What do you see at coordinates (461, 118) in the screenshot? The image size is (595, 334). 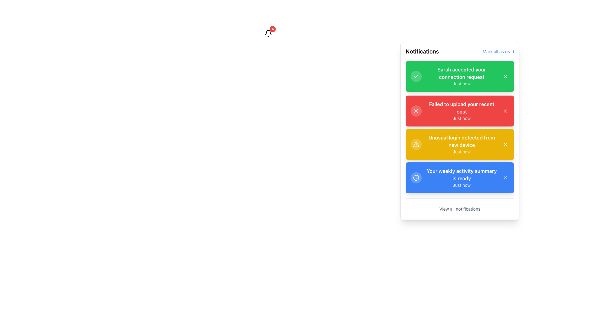 I see `text of the Timestamp label that displays 'Just now', located below the bold notification message 'Failed to upload your recent post'` at bounding box center [461, 118].